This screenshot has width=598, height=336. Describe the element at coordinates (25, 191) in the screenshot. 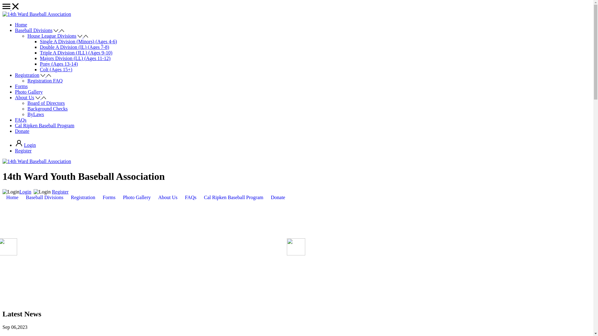

I see `'Login'` at that location.